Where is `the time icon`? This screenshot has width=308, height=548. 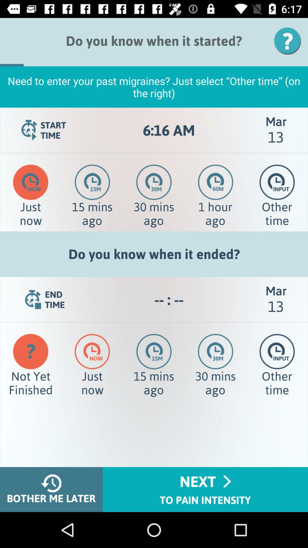
the time icon is located at coordinates (216, 182).